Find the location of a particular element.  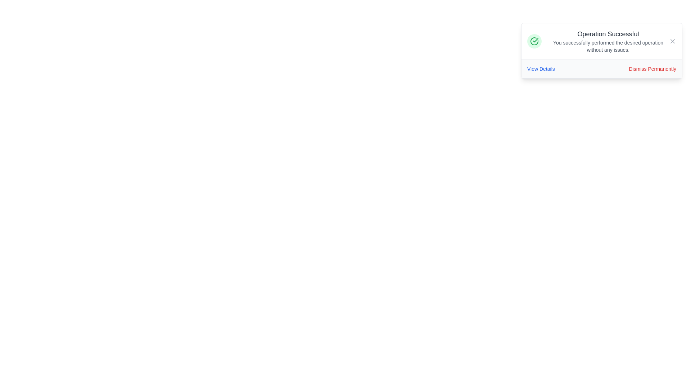

the circular icon with a light green background and a dark green checkmark symbol, located in the upper-right corner of the notification card is located at coordinates (534, 41).